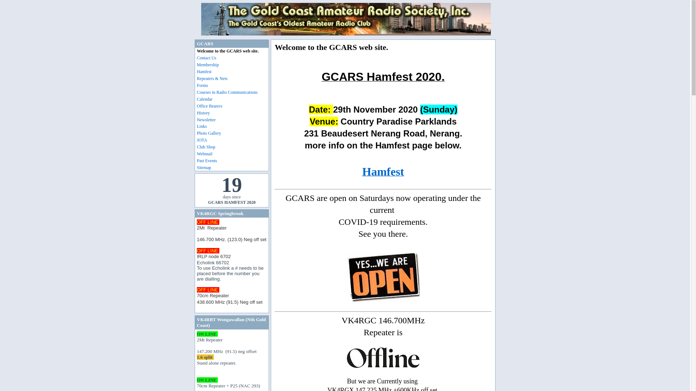 This screenshot has height=391, width=696. I want to click on 'JOTA', so click(233, 140).